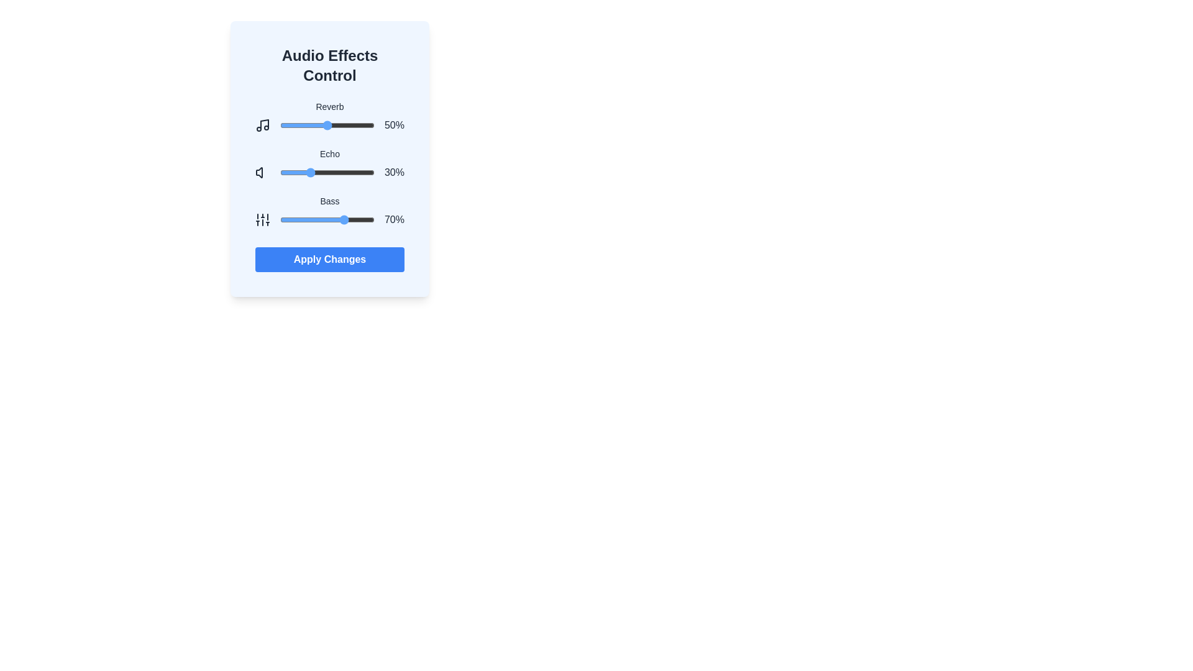 This screenshot has width=1193, height=671. What do you see at coordinates (282, 125) in the screenshot?
I see `the reverb level` at bounding box center [282, 125].